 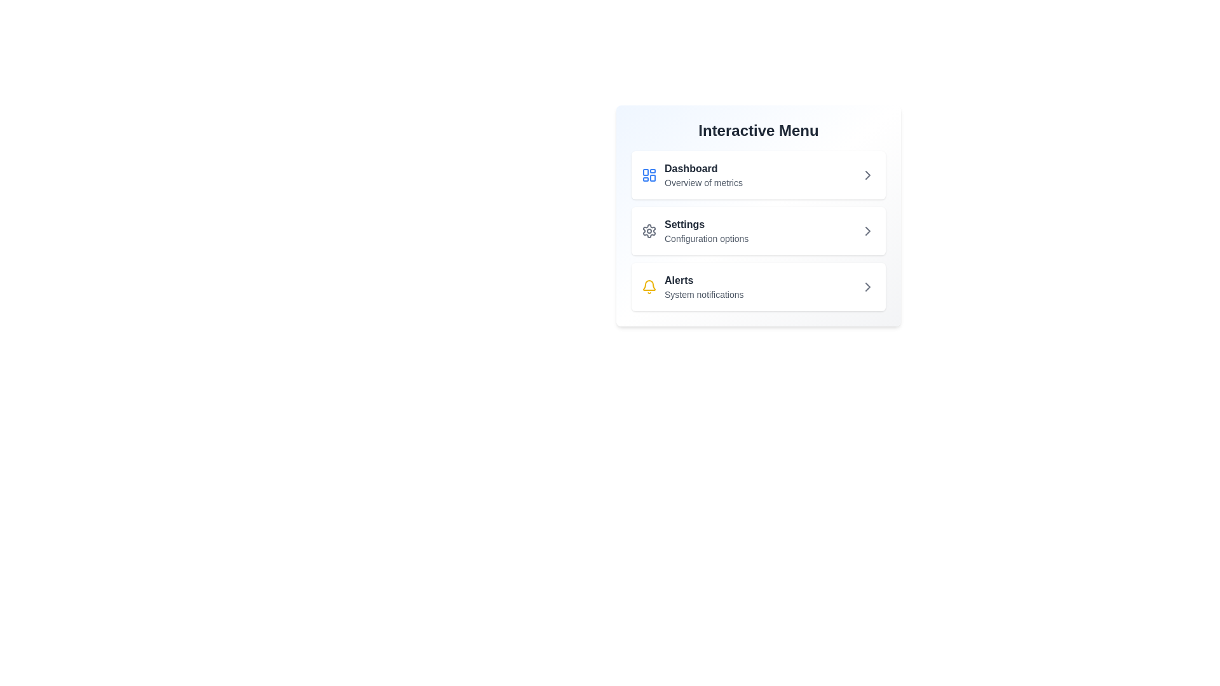 I want to click on the Interactive menu item located at the top of the vertical menu structure, so click(x=759, y=175).